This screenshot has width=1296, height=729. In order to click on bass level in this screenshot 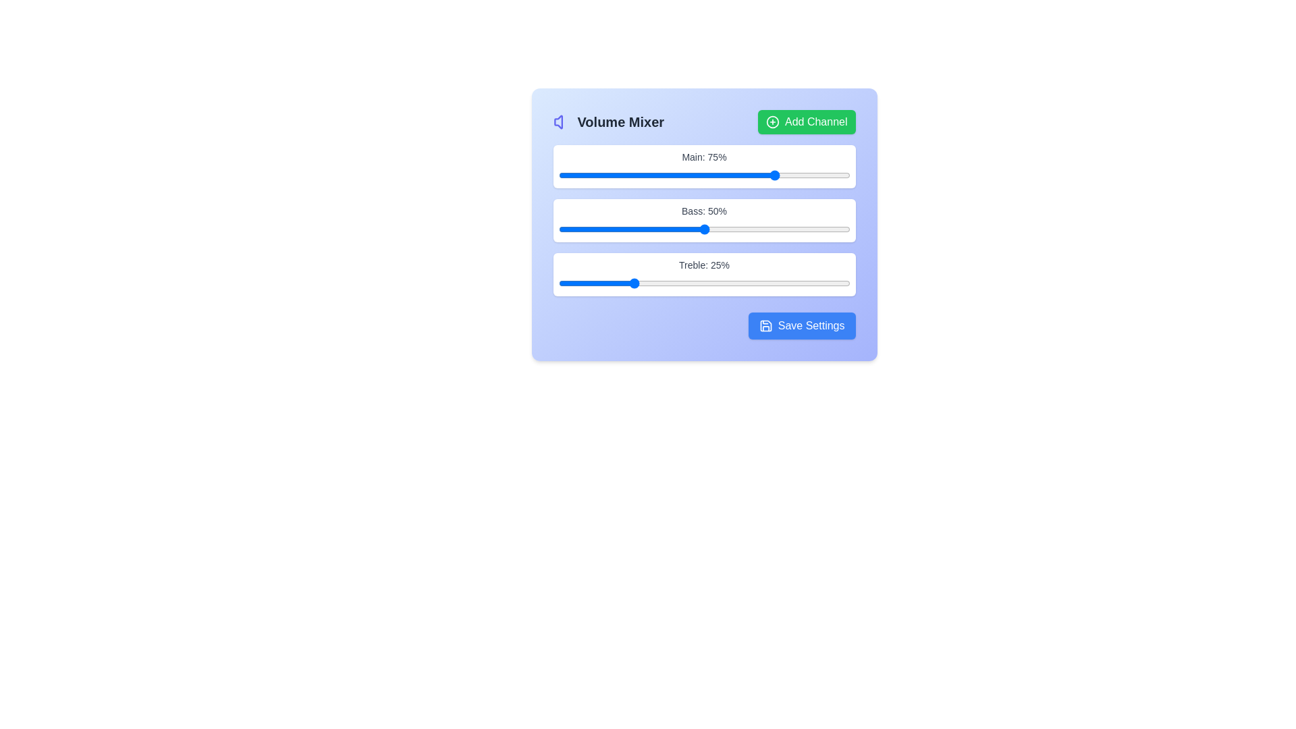, I will do `click(649, 228)`.